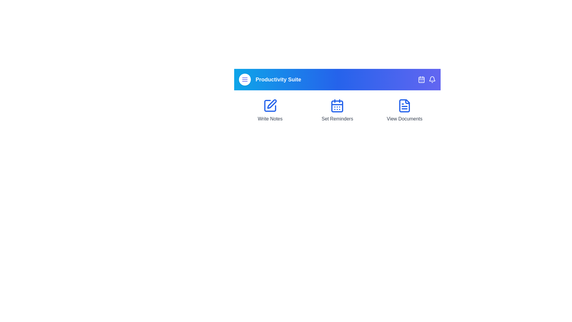  Describe the element at coordinates (405, 110) in the screenshot. I see `the 'View Documents' button` at that location.